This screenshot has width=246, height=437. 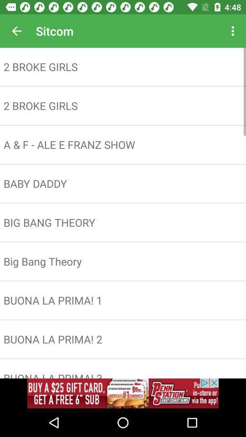 What do you see at coordinates (123, 393) in the screenshot?
I see `open an advertisement` at bounding box center [123, 393].